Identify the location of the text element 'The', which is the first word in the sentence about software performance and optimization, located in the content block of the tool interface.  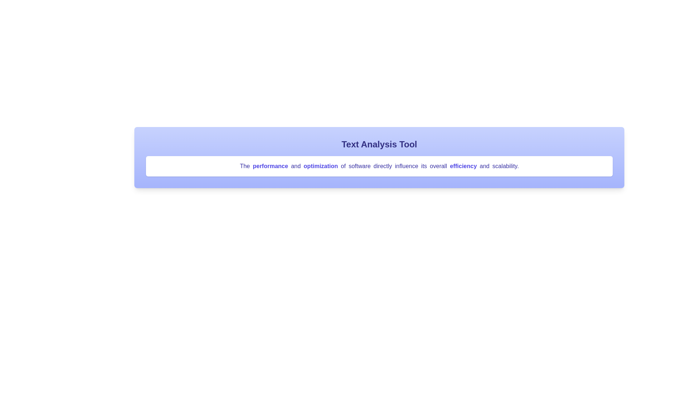
(245, 166).